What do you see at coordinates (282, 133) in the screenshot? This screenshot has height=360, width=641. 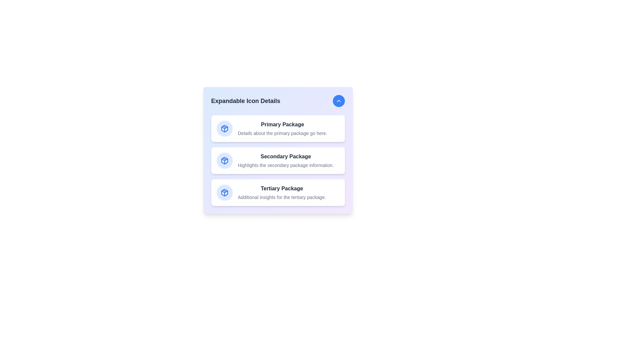 I see `the static text field displaying 'Details about the primary package go here.' located below the 'Primary Package' section header in the first card of the 'Expandable Icon Details' interface` at bounding box center [282, 133].